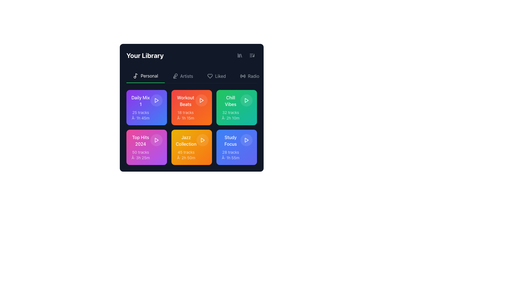 This screenshot has height=298, width=530. Describe the element at coordinates (246, 140) in the screenshot. I see `the circular play button with a semi-transparent white background located in the 'Study Focus' card` at that location.